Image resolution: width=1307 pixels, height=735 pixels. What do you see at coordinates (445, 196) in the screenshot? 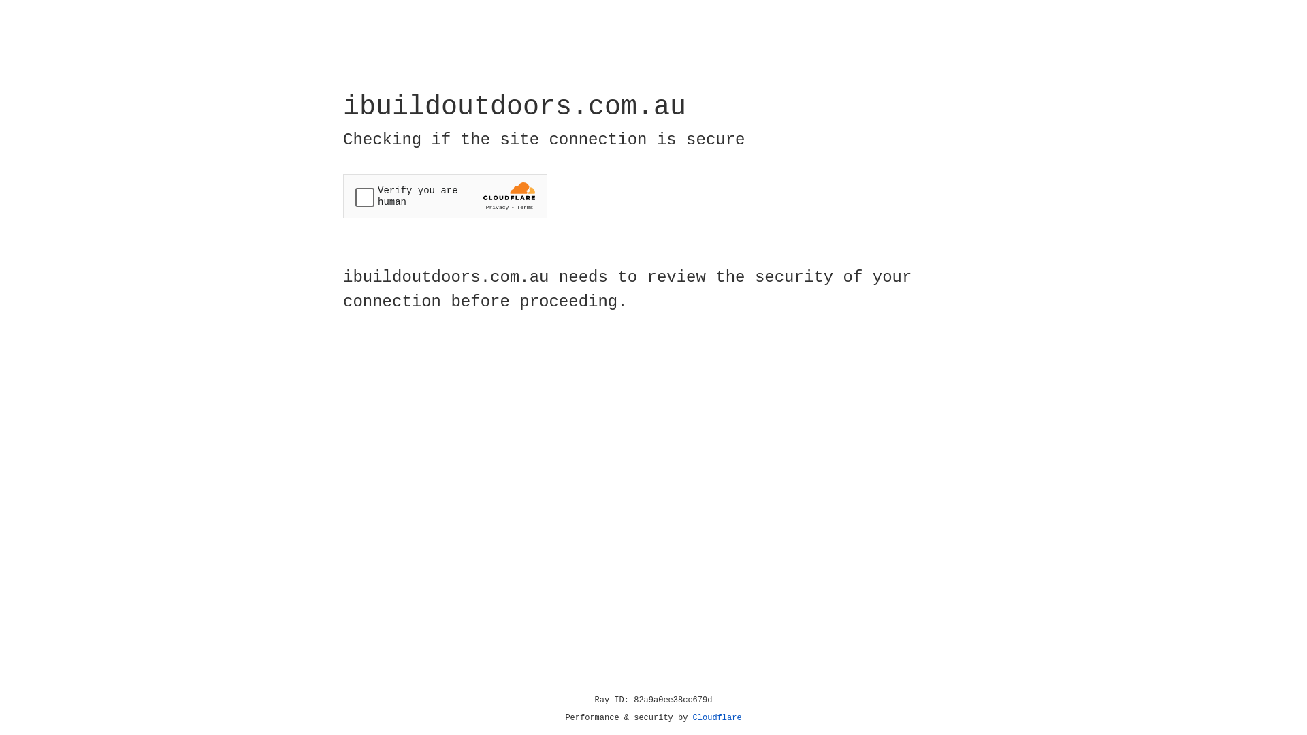
I see `'Widget containing a Cloudflare security challenge'` at bounding box center [445, 196].